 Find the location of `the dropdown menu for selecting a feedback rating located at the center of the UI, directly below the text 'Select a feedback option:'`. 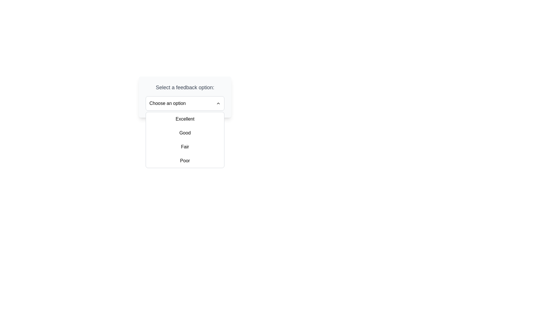

the dropdown menu for selecting a feedback rating located at the center of the UI, directly below the text 'Select a feedback option:' is located at coordinates (184, 103).